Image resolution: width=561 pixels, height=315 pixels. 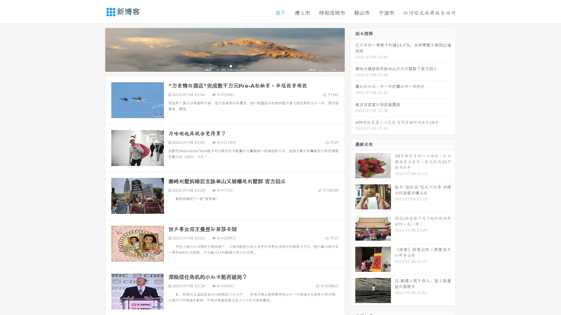 What do you see at coordinates (96, 49) in the screenshot?
I see `Previous slide` at bounding box center [96, 49].